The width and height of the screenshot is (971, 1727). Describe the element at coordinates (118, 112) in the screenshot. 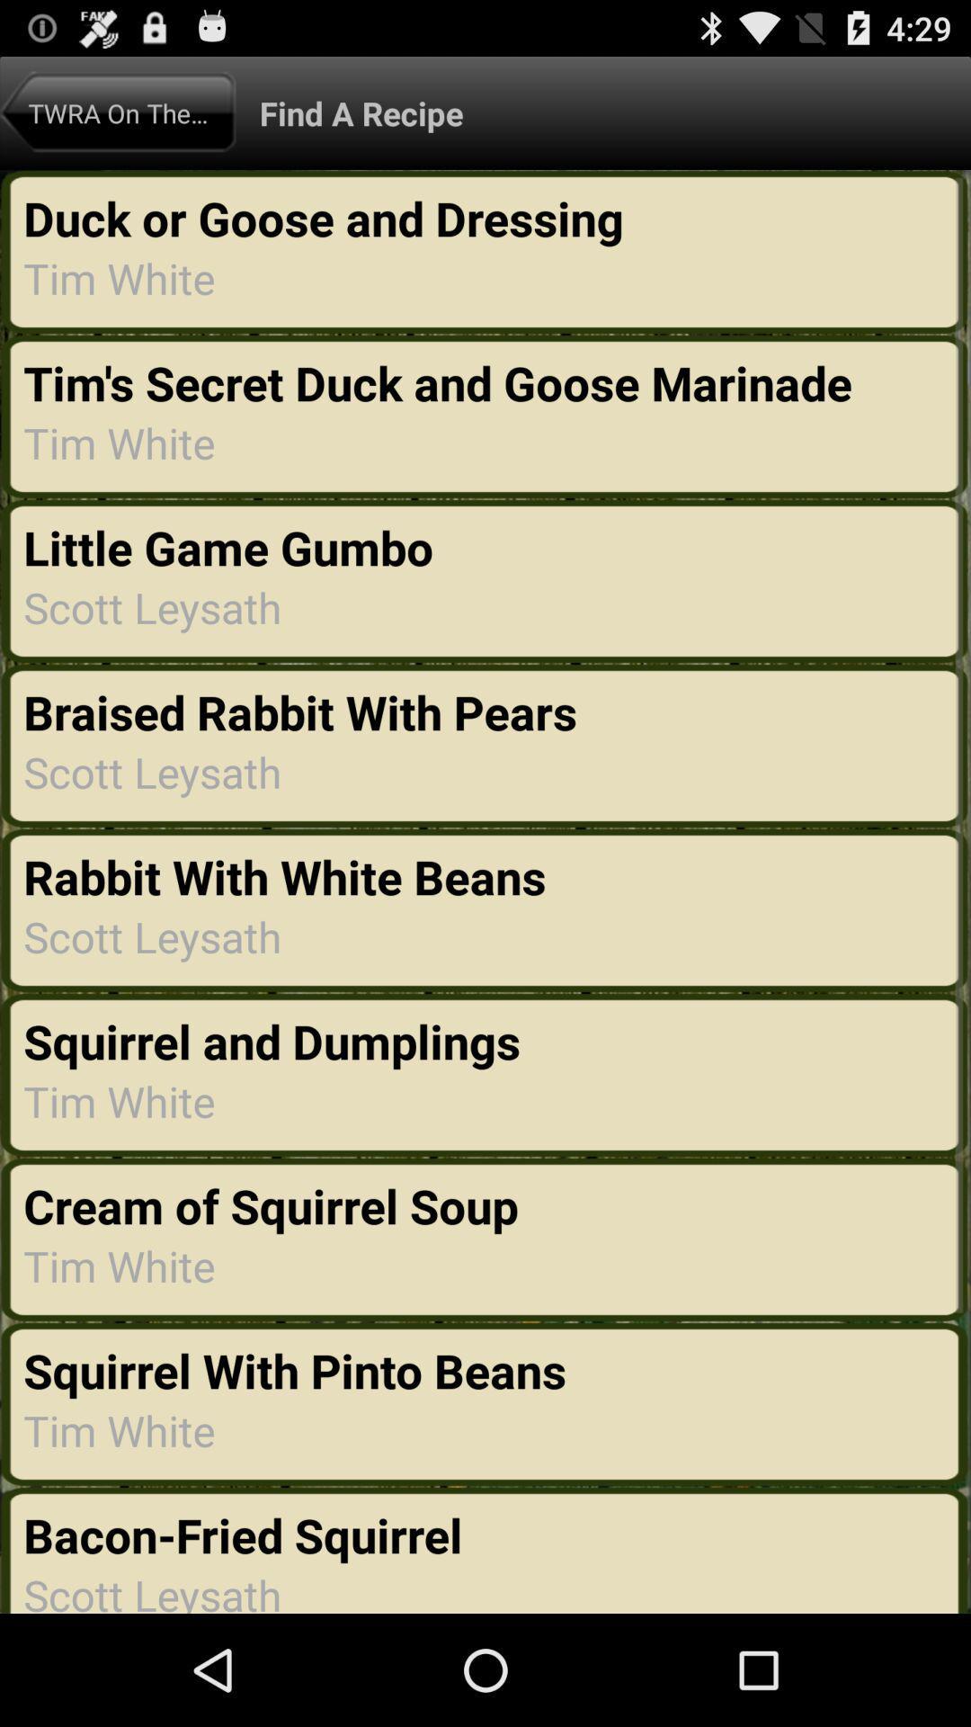

I see `icon next to find a recipe` at that location.